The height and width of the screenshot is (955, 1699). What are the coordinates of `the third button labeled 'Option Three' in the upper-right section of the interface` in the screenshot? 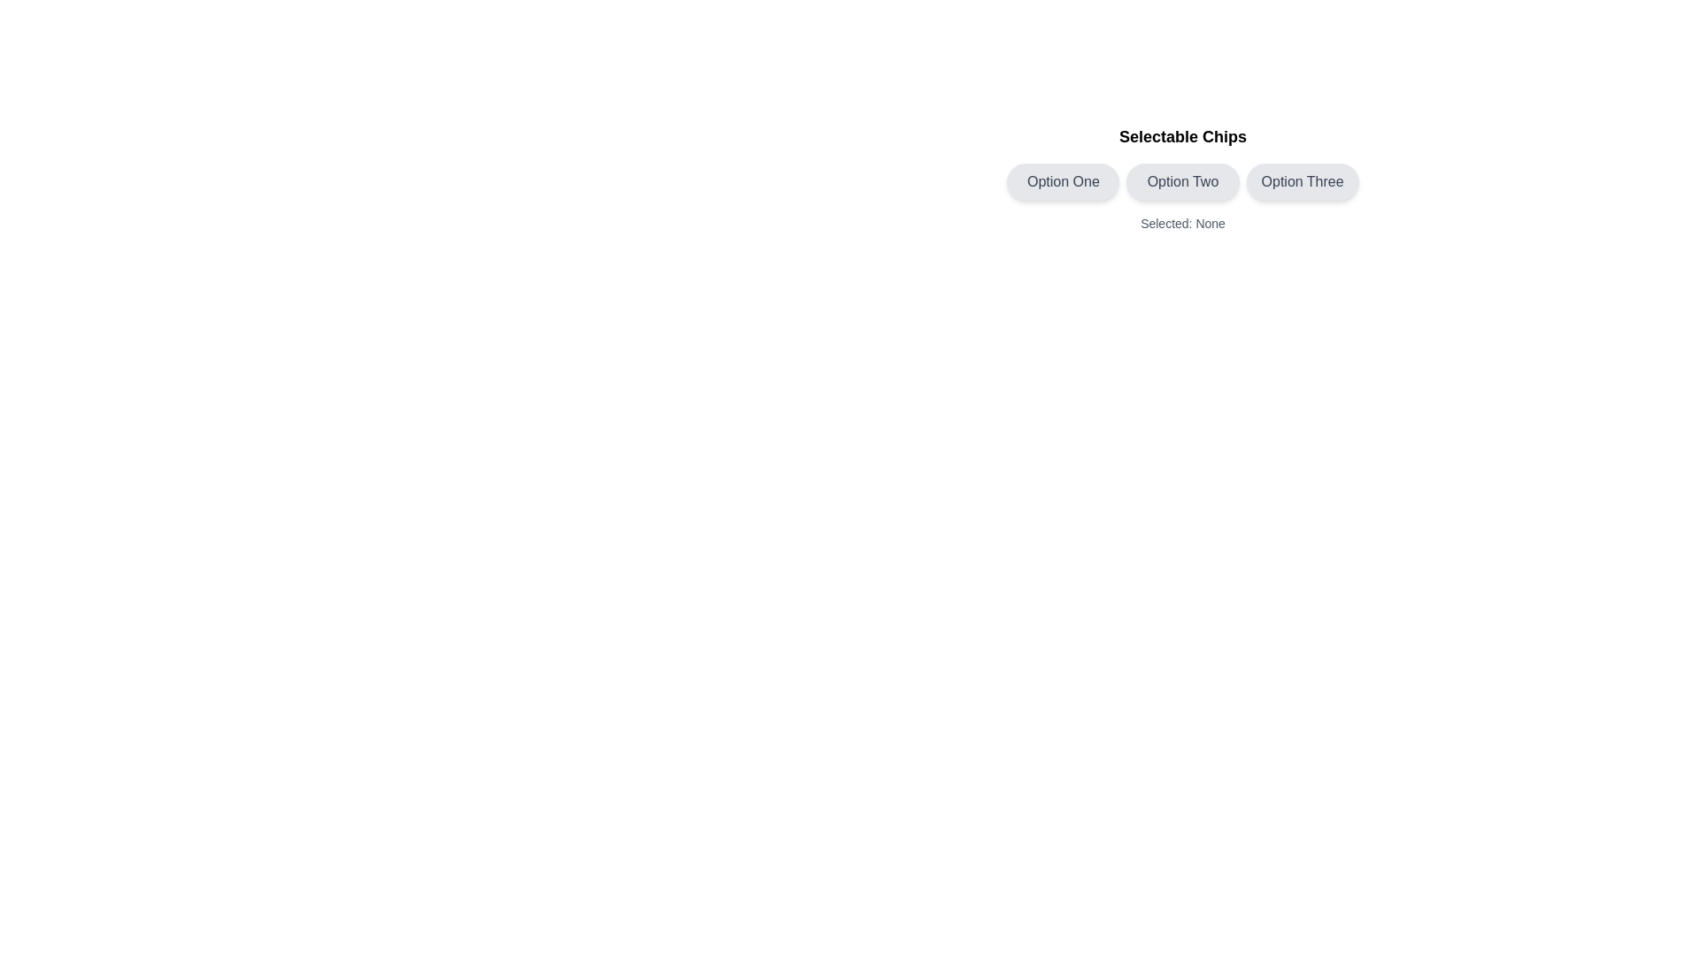 It's located at (1303, 181).